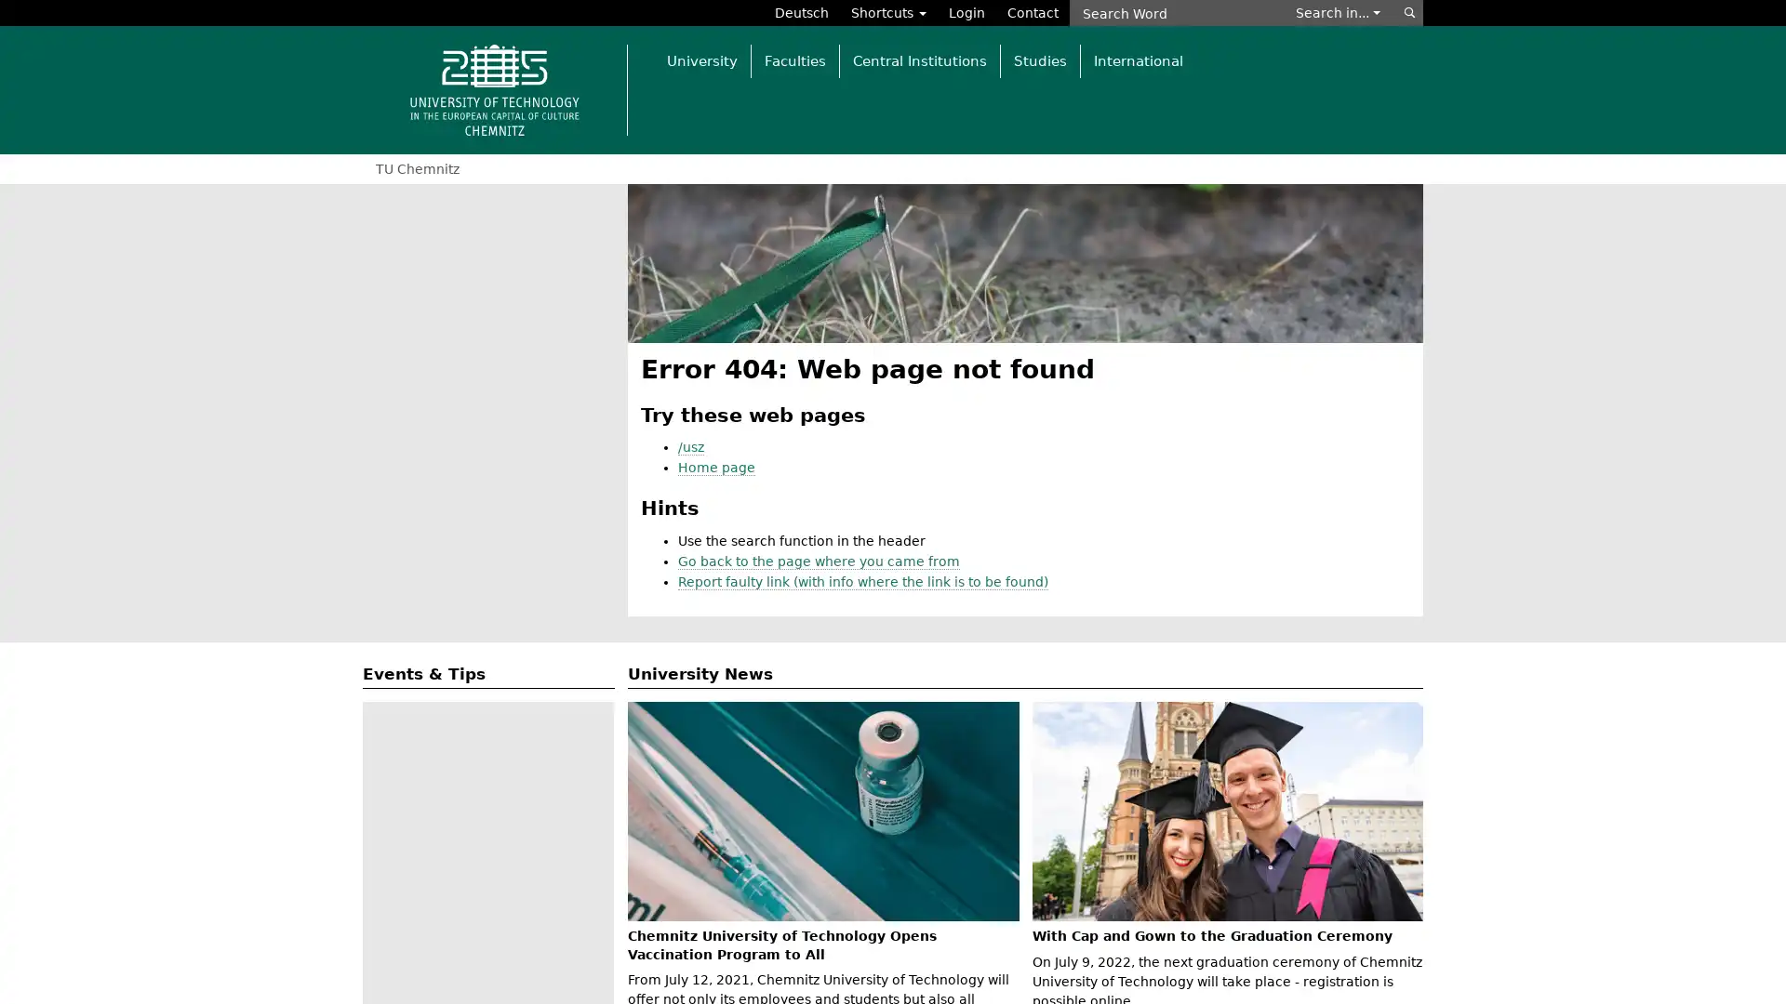  What do you see at coordinates (1137, 59) in the screenshot?
I see `International` at bounding box center [1137, 59].